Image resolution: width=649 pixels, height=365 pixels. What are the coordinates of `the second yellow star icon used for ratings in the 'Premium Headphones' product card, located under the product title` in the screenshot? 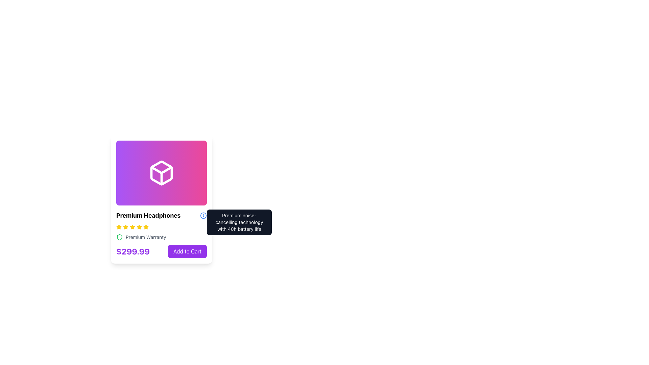 It's located at (119, 227).